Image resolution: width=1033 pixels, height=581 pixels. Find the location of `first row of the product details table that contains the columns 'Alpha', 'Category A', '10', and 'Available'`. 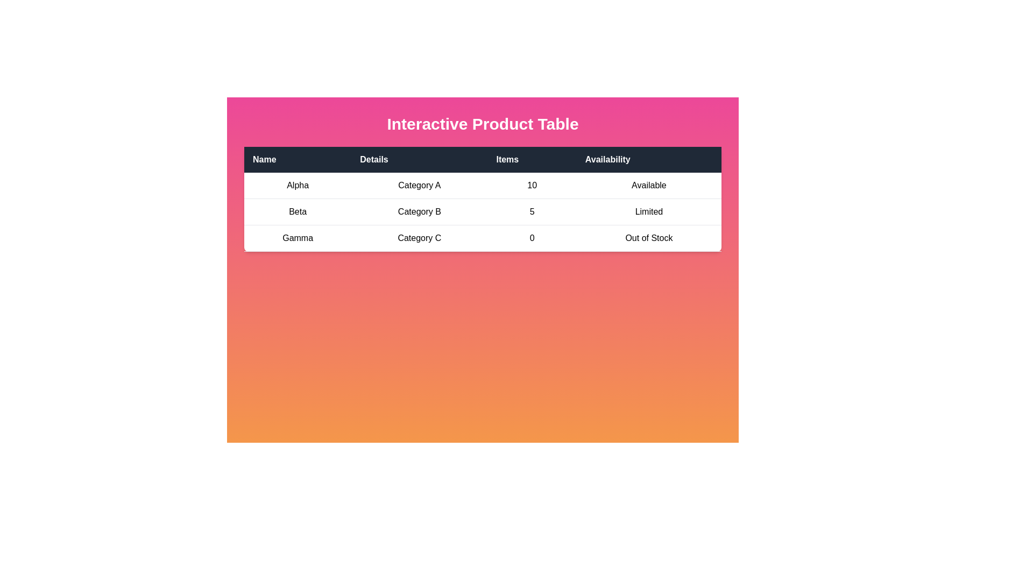

first row of the product details table that contains the columns 'Alpha', 'Category A', '10', and 'Available' is located at coordinates (482, 185).